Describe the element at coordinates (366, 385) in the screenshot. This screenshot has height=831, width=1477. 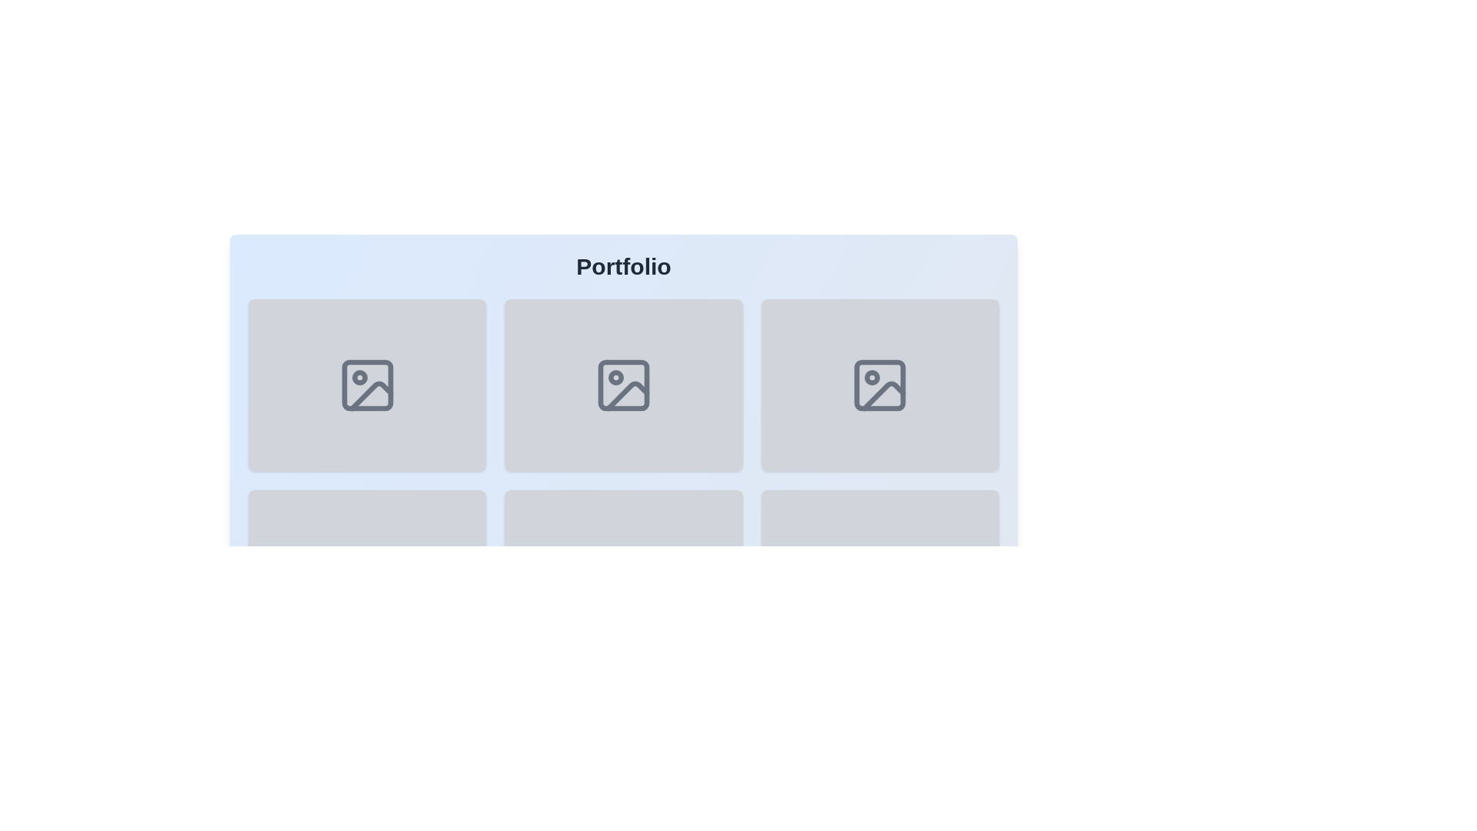
I see `collapse button of the expanded portfolio item` at that location.